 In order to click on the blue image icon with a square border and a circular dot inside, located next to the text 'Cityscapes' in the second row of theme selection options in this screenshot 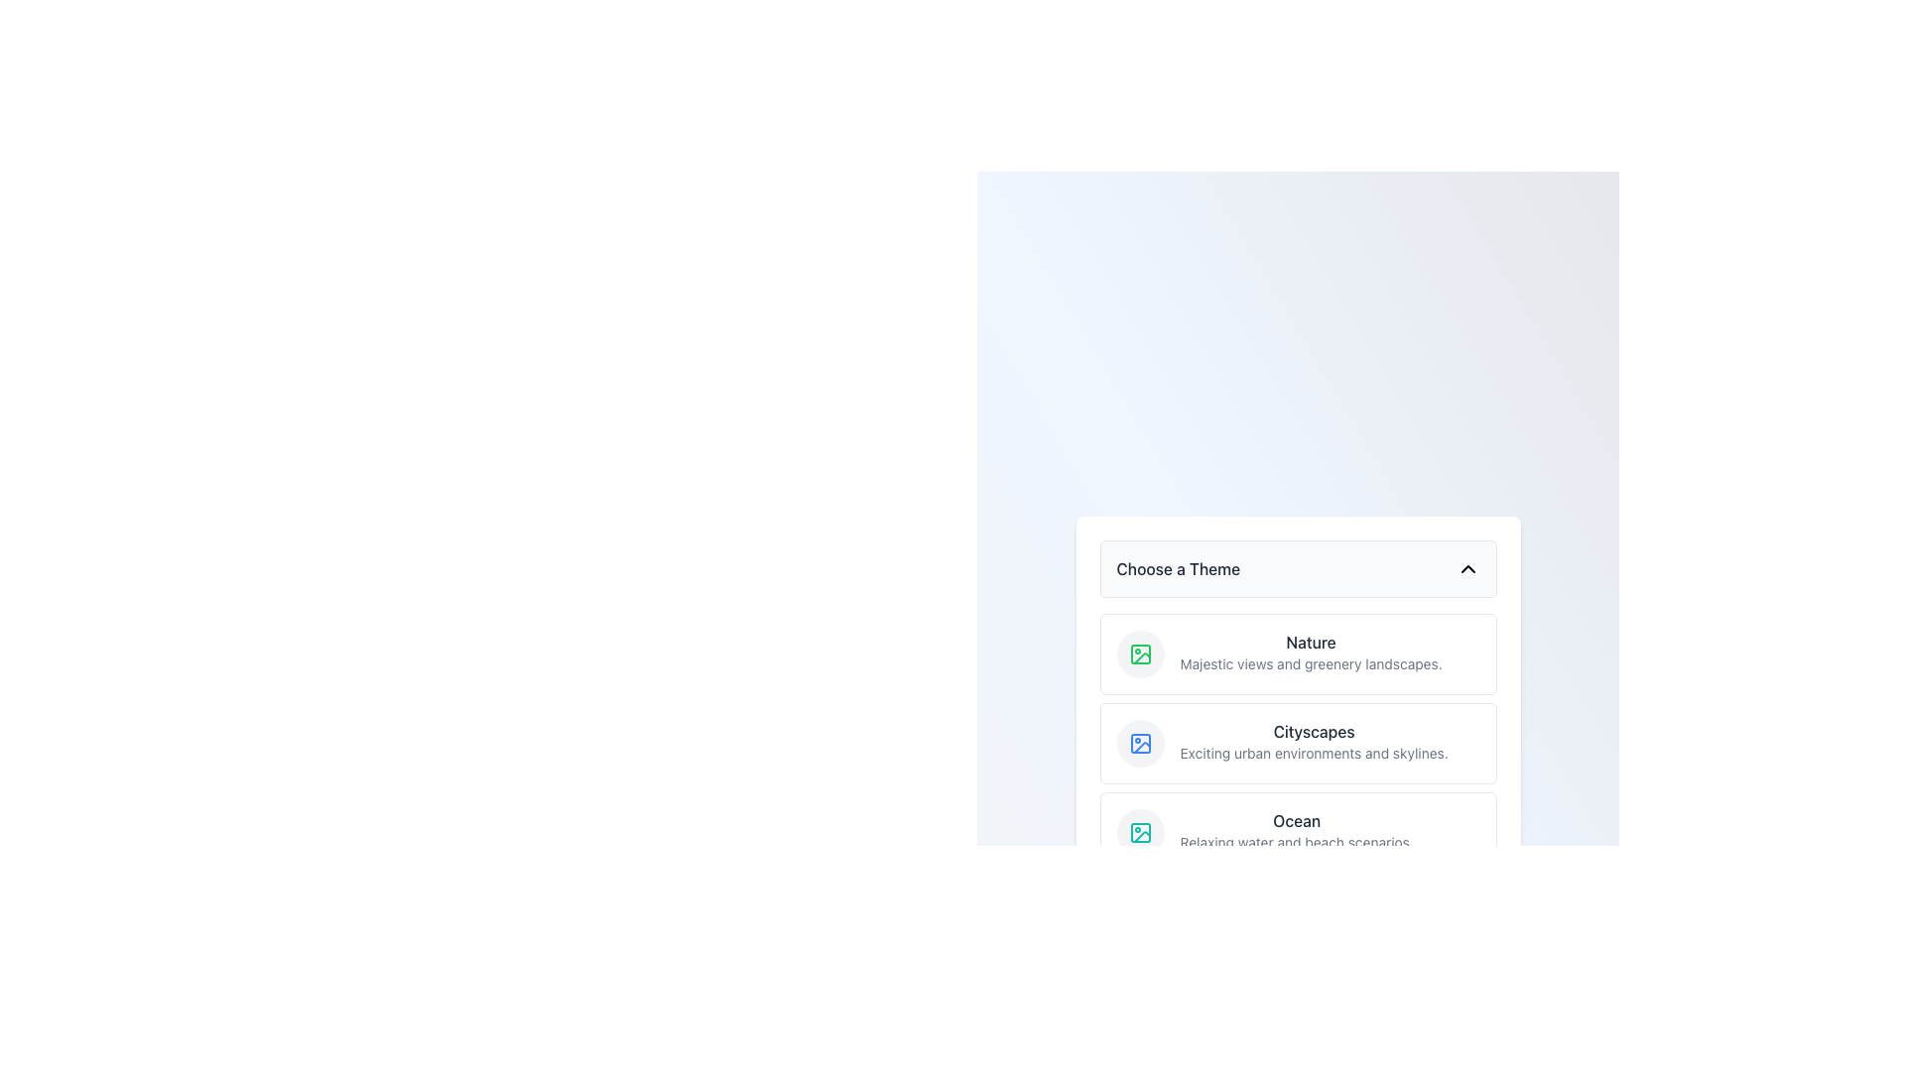, I will do `click(1140, 743)`.